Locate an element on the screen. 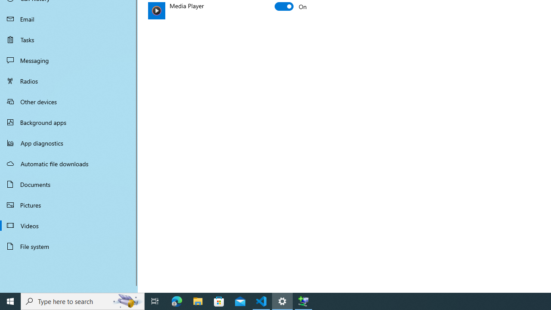 The width and height of the screenshot is (551, 310). 'Background apps' is located at coordinates (69, 122).